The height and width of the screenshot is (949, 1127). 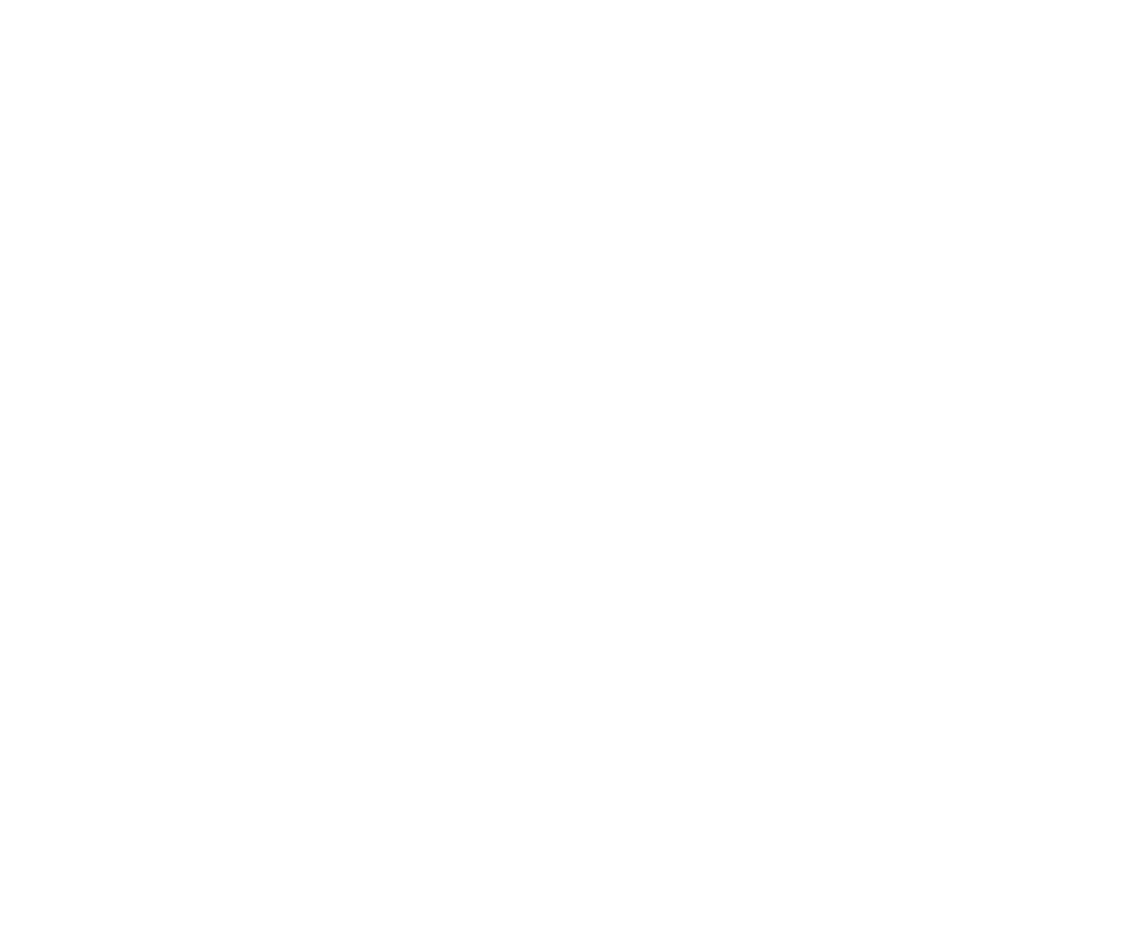 What do you see at coordinates (180, 753) in the screenshot?
I see `'Who We Are'` at bounding box center [180, 753].